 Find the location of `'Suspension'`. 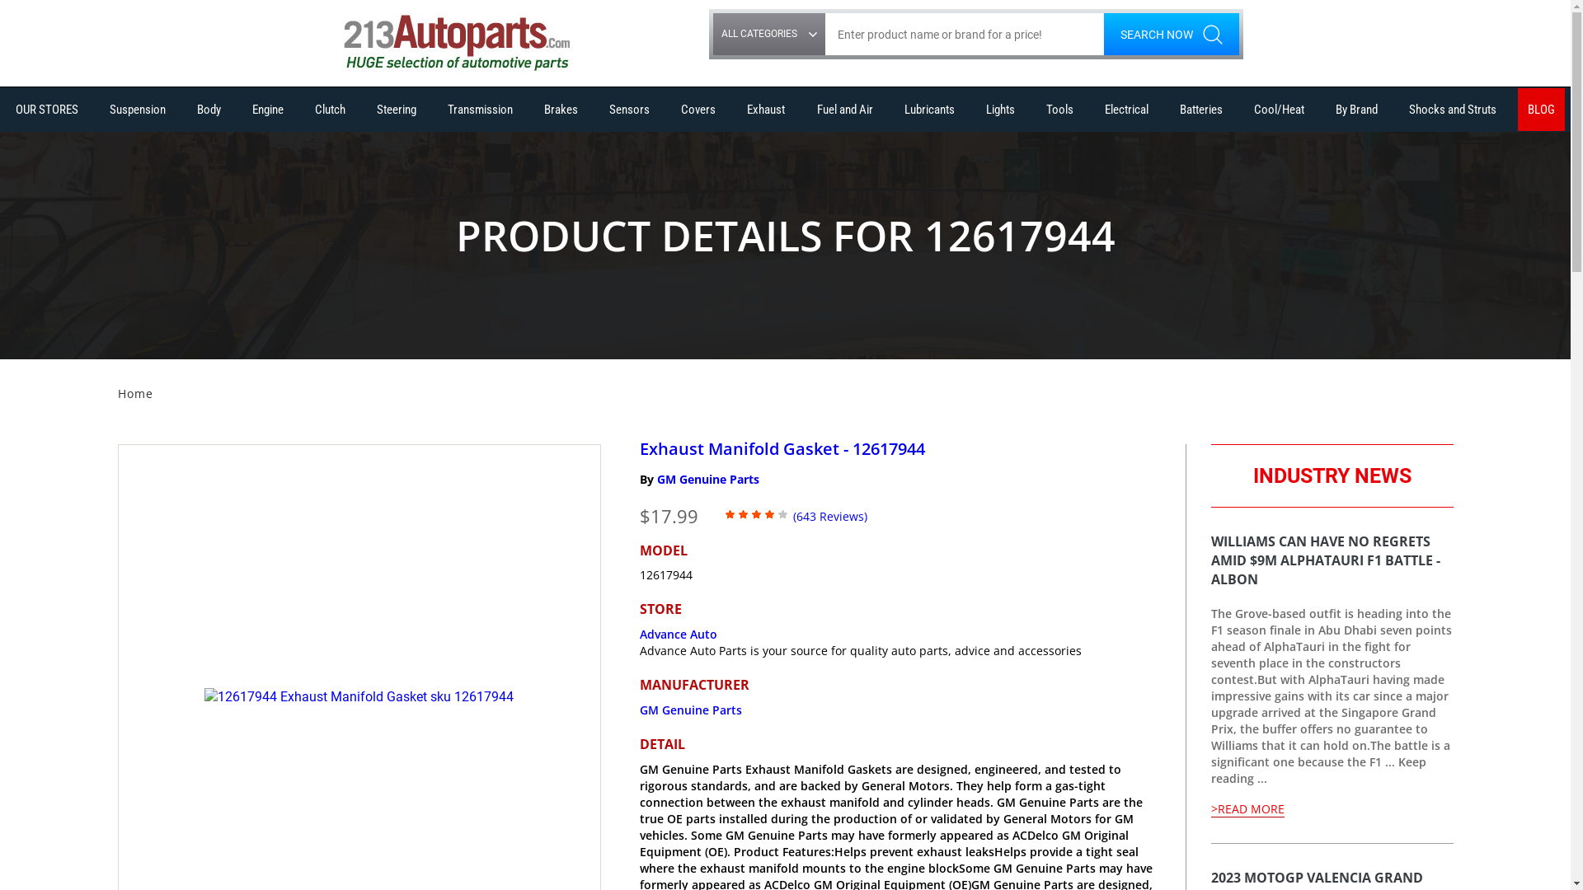

'Suspension' is located at coordinates (98, 109).